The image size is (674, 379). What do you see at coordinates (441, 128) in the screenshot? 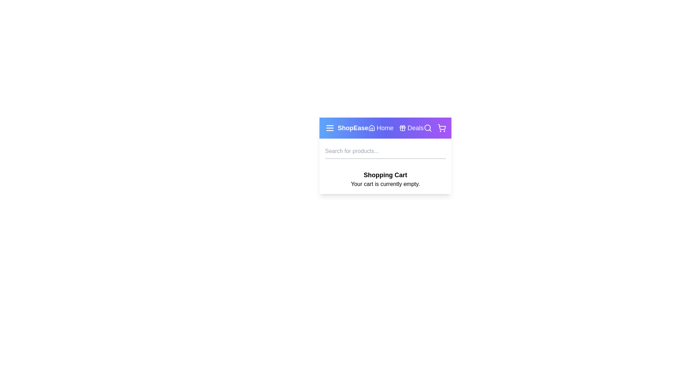
I see `the shopping cart icon to toggle the shopping cart visibility` at bounding box center [441, 128].